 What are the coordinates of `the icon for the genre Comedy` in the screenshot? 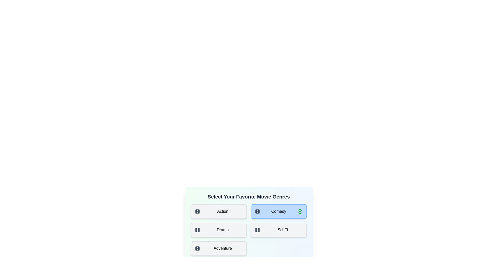 It's located at (257, 211).